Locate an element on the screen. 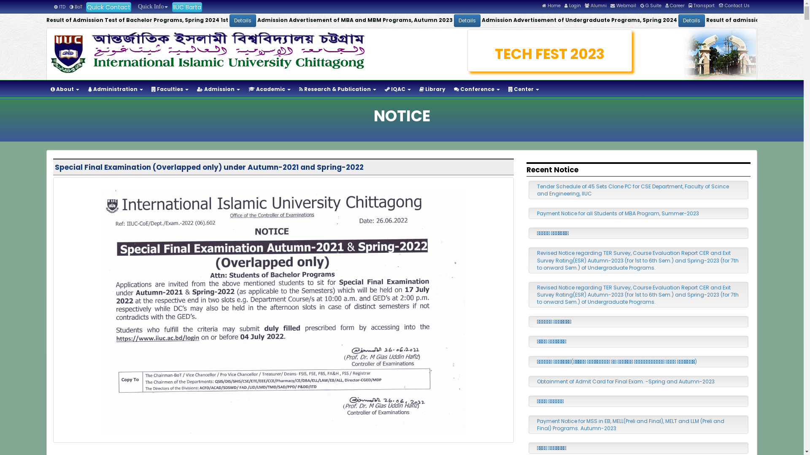  'Admission' is located at coordinates (219, 89).